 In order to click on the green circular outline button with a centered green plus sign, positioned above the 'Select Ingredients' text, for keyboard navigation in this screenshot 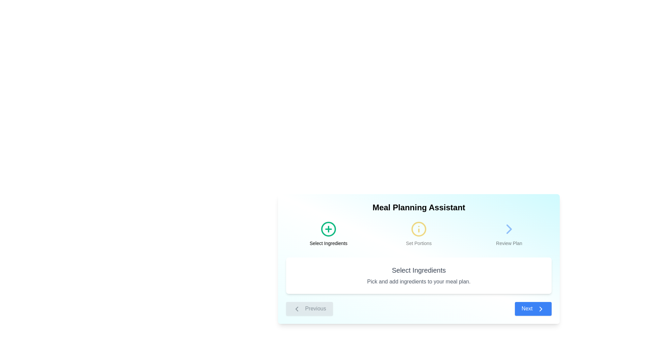, I will do `click(328, 229)`.